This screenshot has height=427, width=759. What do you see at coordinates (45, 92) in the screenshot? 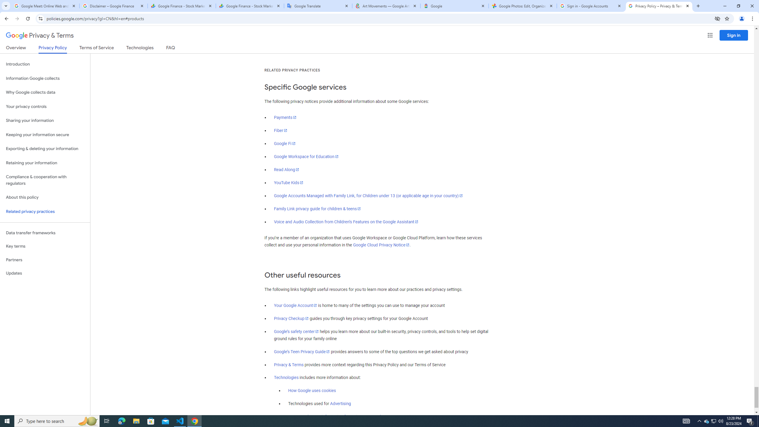
I see `'Why Google collects data'` at bounding box center [45, 92].